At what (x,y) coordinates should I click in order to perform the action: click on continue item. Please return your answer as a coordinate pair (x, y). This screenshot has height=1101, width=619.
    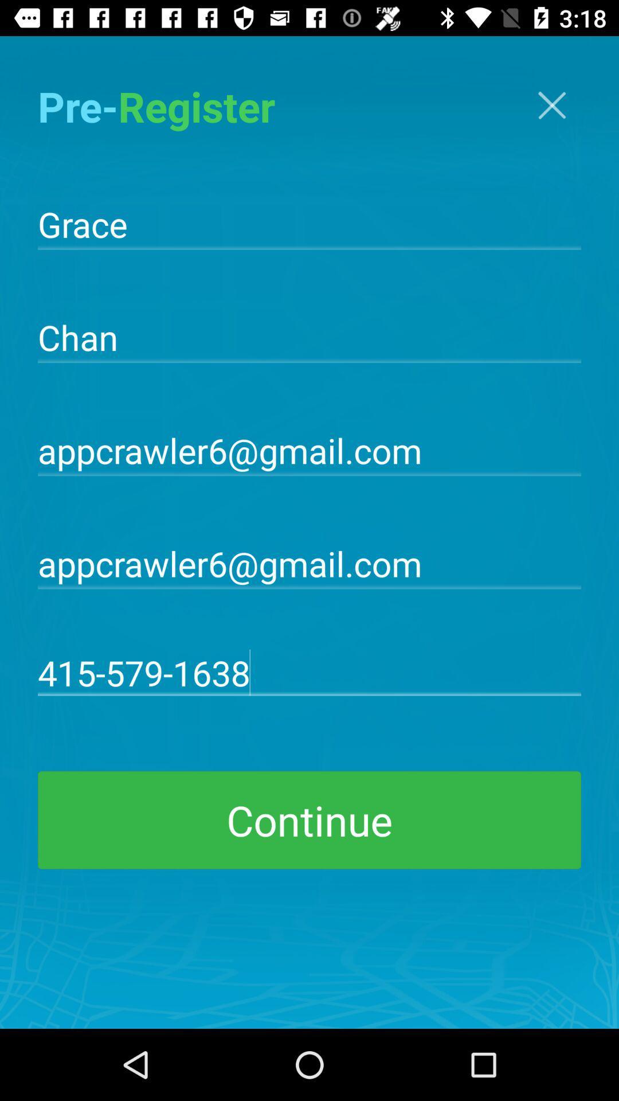
    Looking at the image, I should click on (309, 819).